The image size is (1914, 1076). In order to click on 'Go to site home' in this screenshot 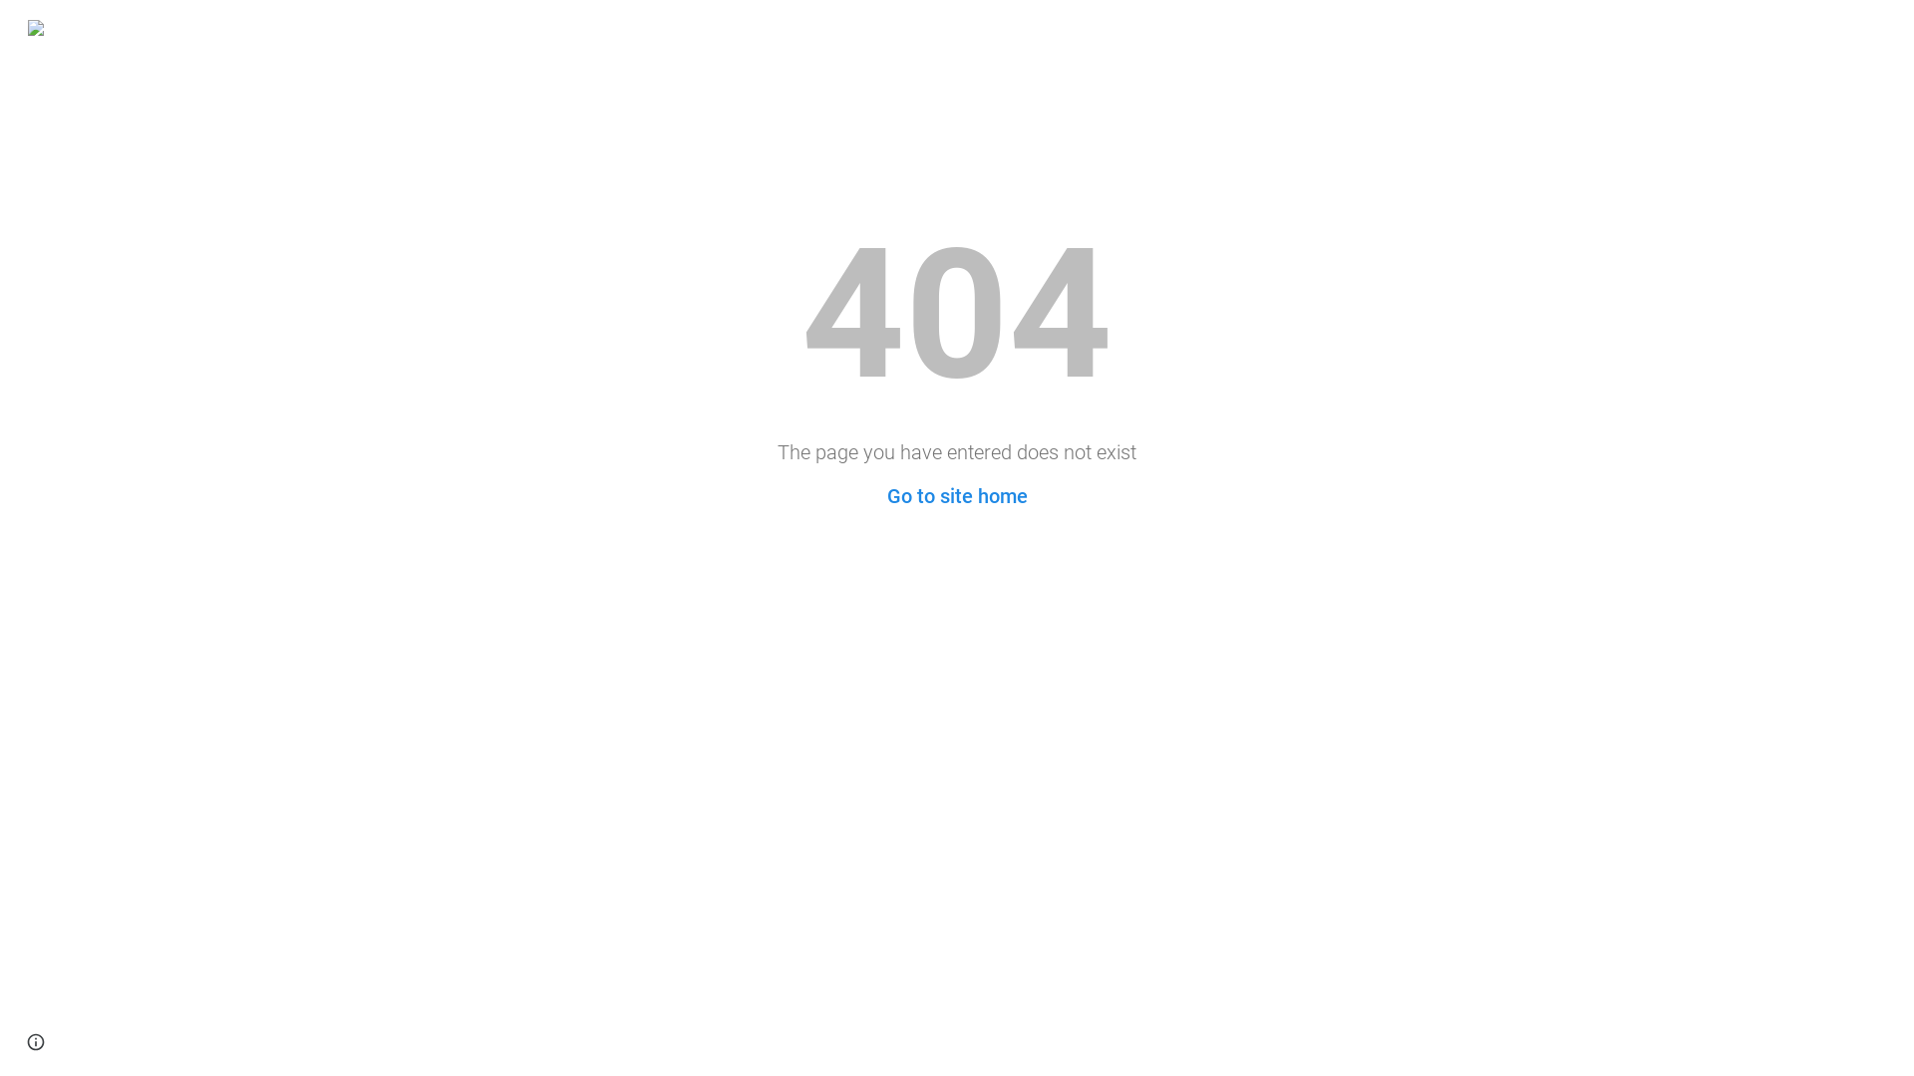, I will do `click(957, 494)`.